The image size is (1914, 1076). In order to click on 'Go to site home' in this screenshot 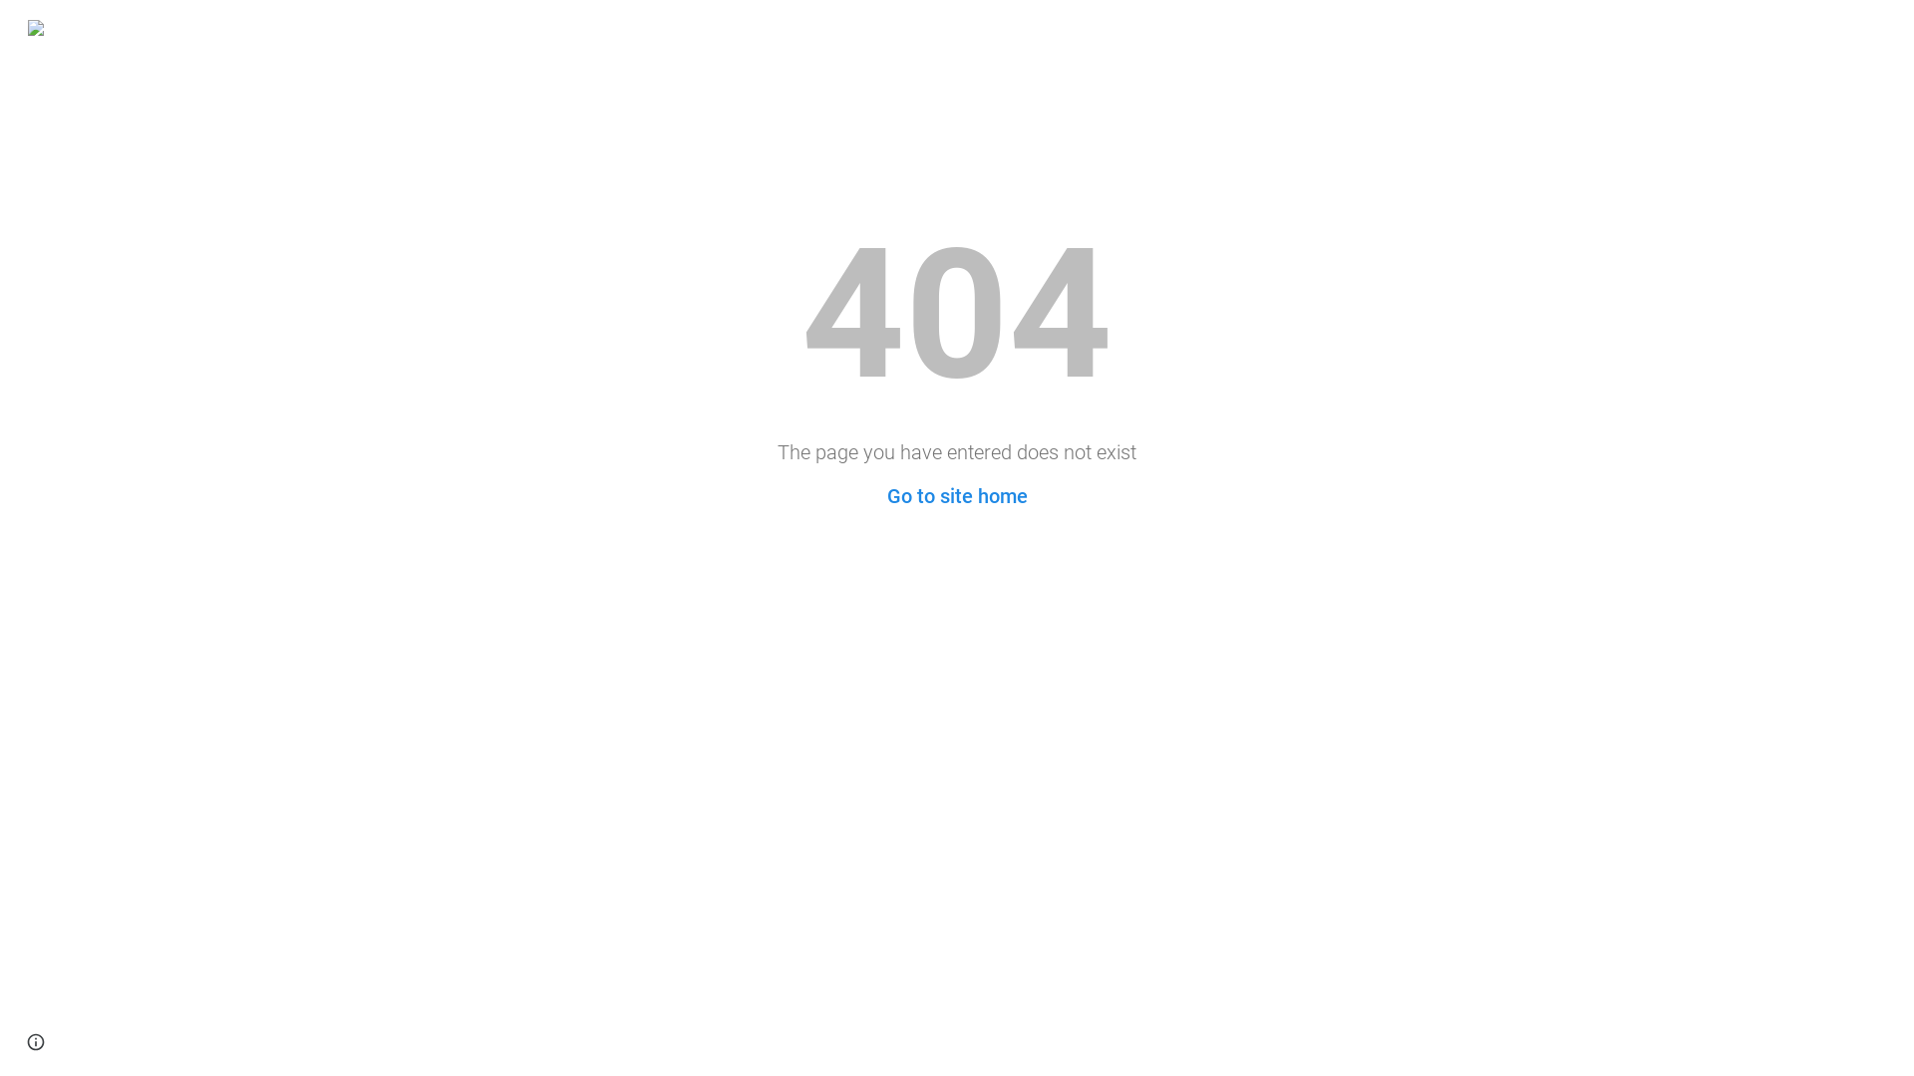, I will do `click(957, 494)`.